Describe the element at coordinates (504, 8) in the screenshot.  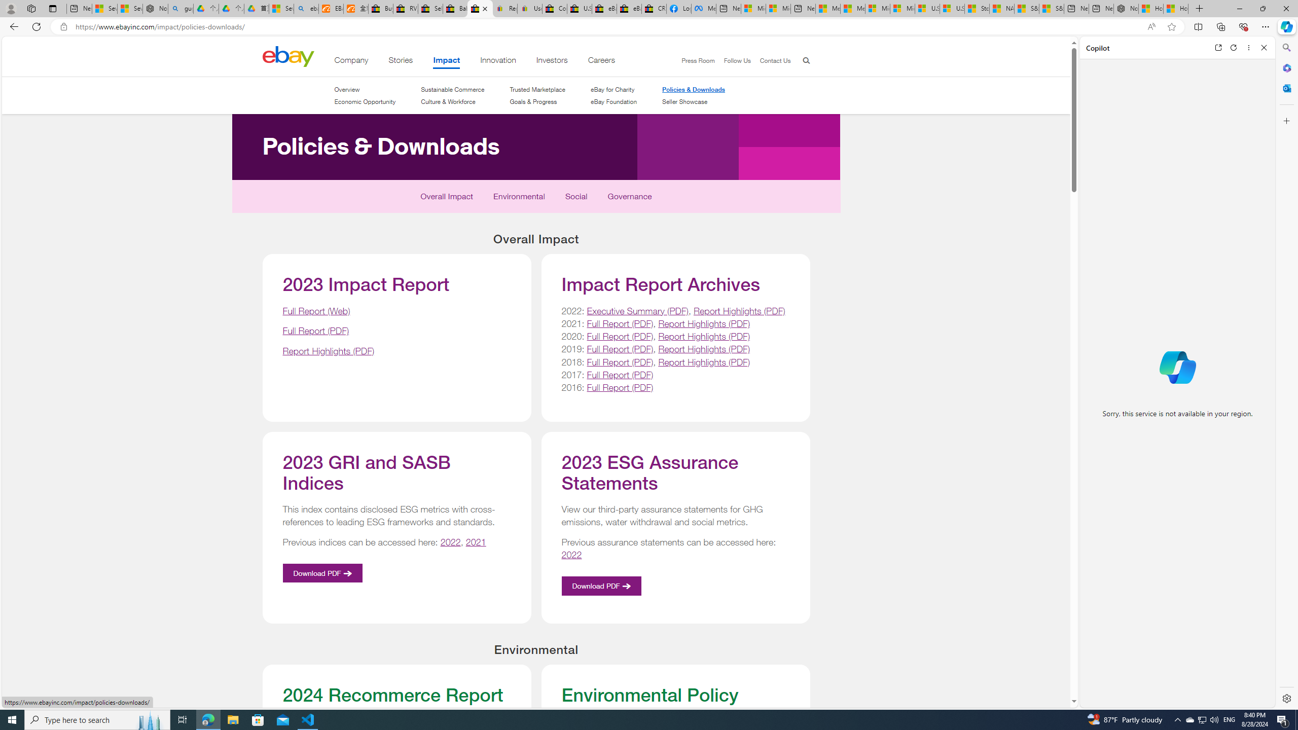
I see `'Register: Create a personal eBay account'` at that location.